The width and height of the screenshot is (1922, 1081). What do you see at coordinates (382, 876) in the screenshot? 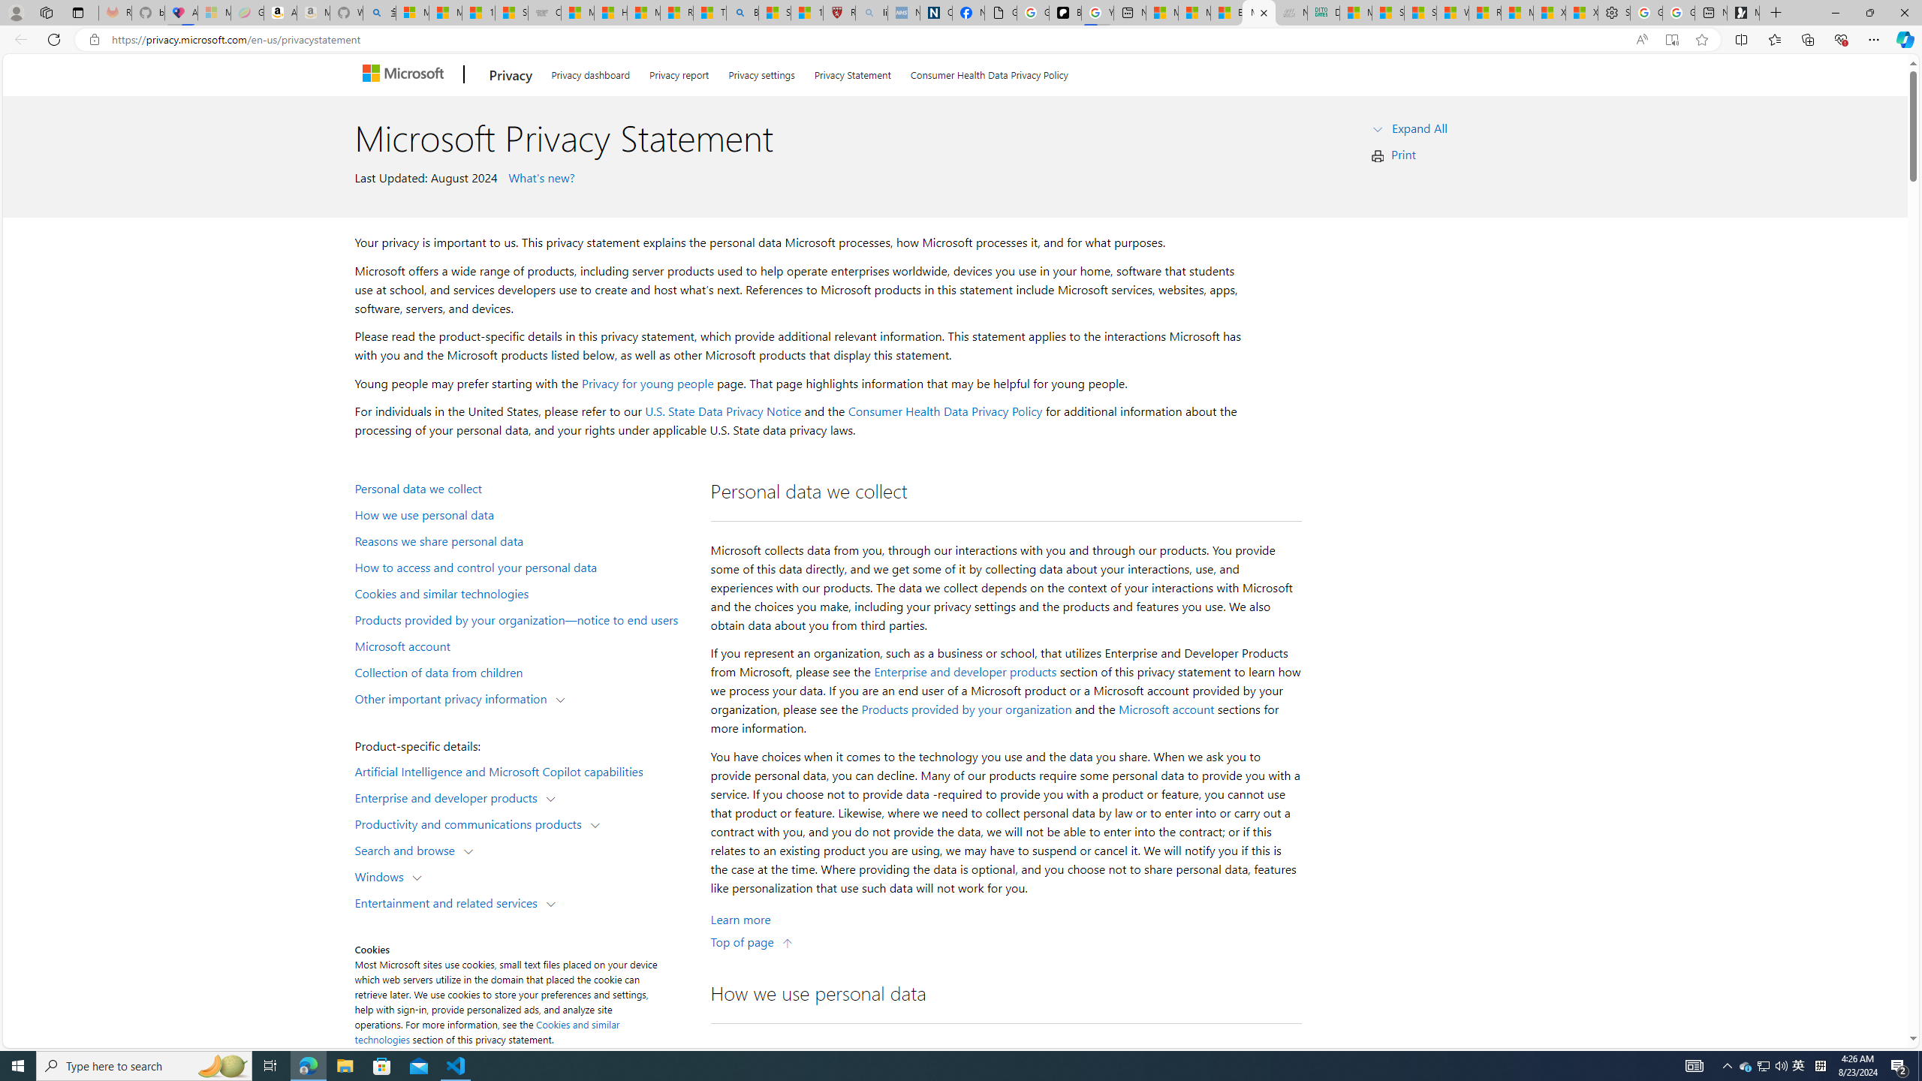
I see `'Windows'` at bounding box center [382, 876].